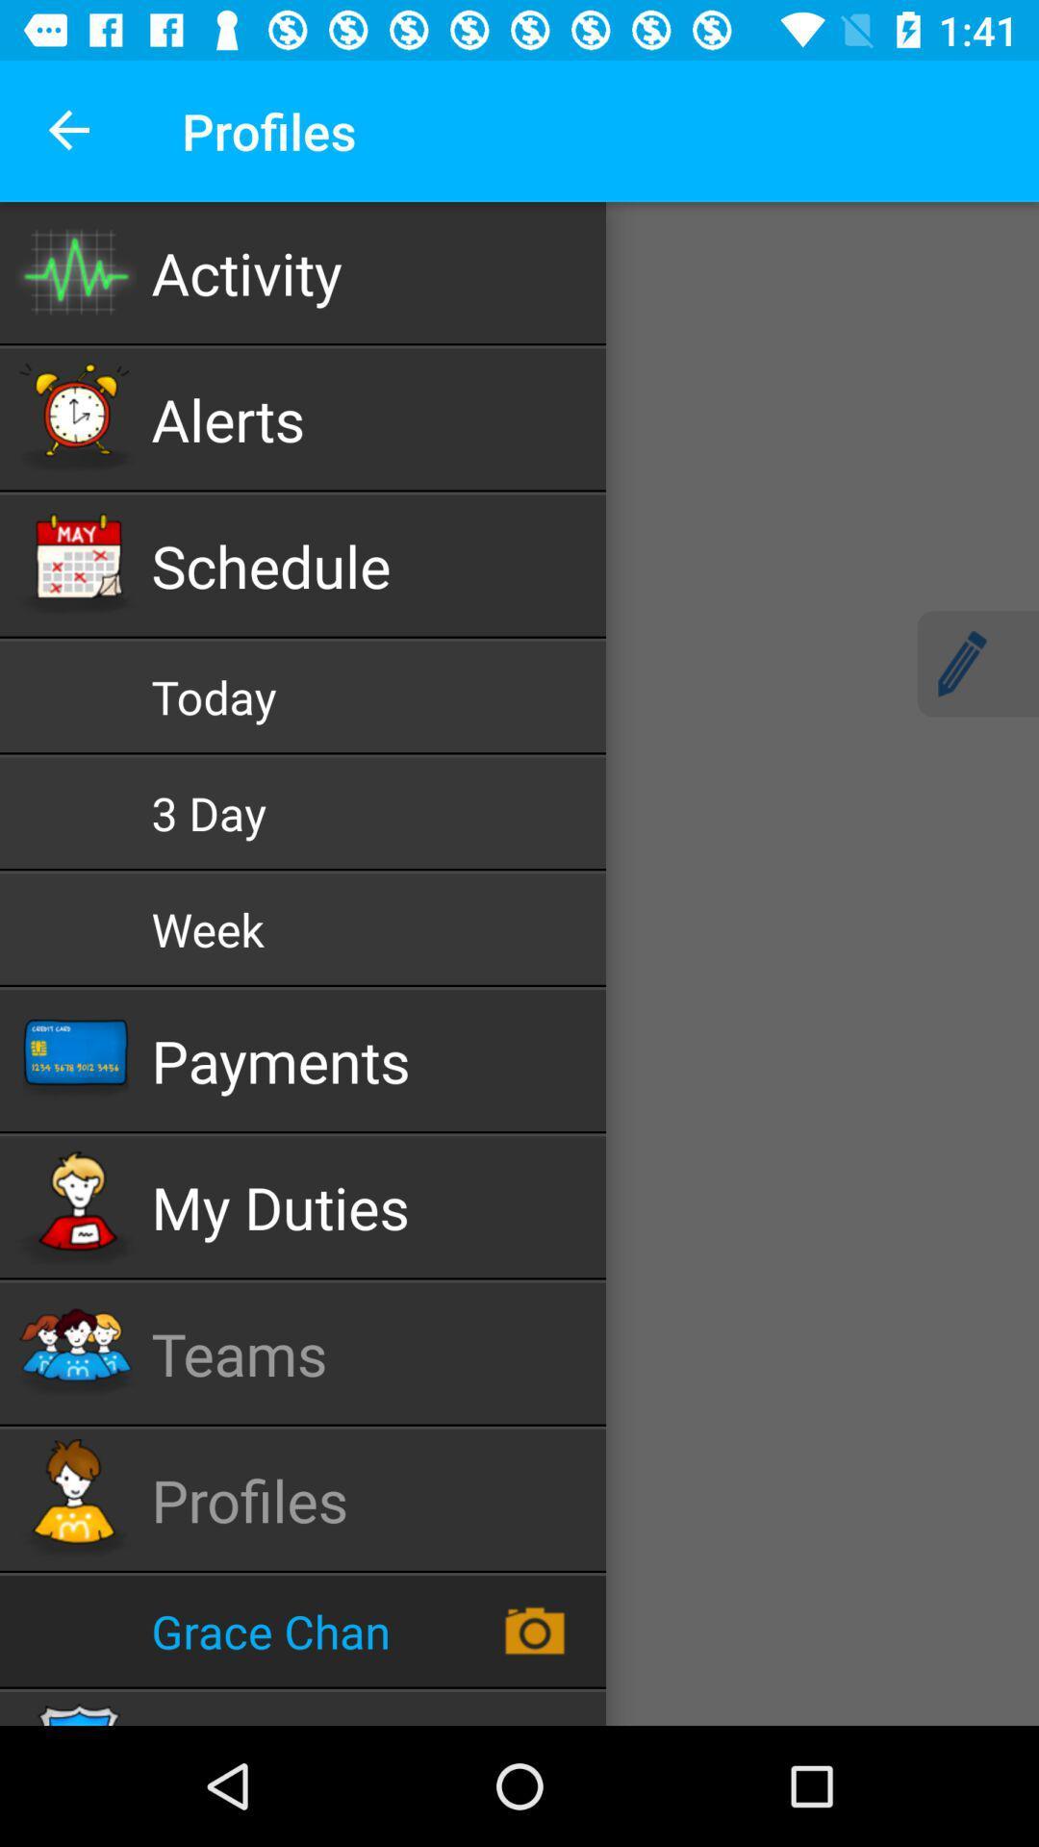  Describe the element at coordinates (535, 1630) in the screenshot. I see `the camera icon just right to grace chan` at that location.